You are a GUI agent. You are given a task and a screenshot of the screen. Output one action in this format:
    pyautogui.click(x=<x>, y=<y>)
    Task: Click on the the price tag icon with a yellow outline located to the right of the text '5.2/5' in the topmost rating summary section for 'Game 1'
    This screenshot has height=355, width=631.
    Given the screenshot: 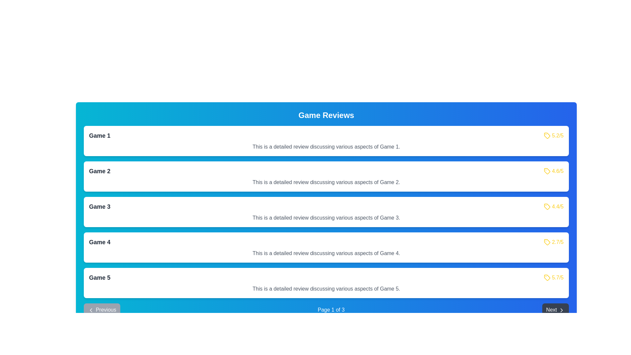 What is the action you would take?
    pyautogui.click(x=547, y=135)
    